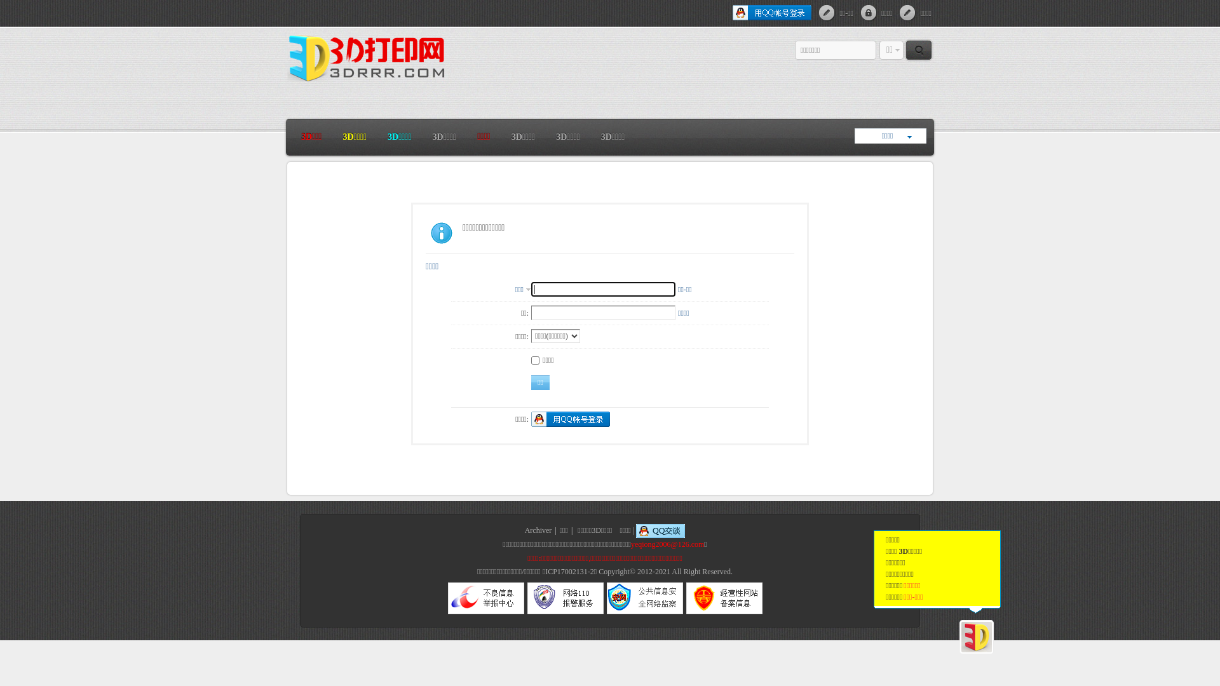 Image resolution: width=1220 pixels, height=686 pixels. I want to click on 'Archiver', so click(538, 530).